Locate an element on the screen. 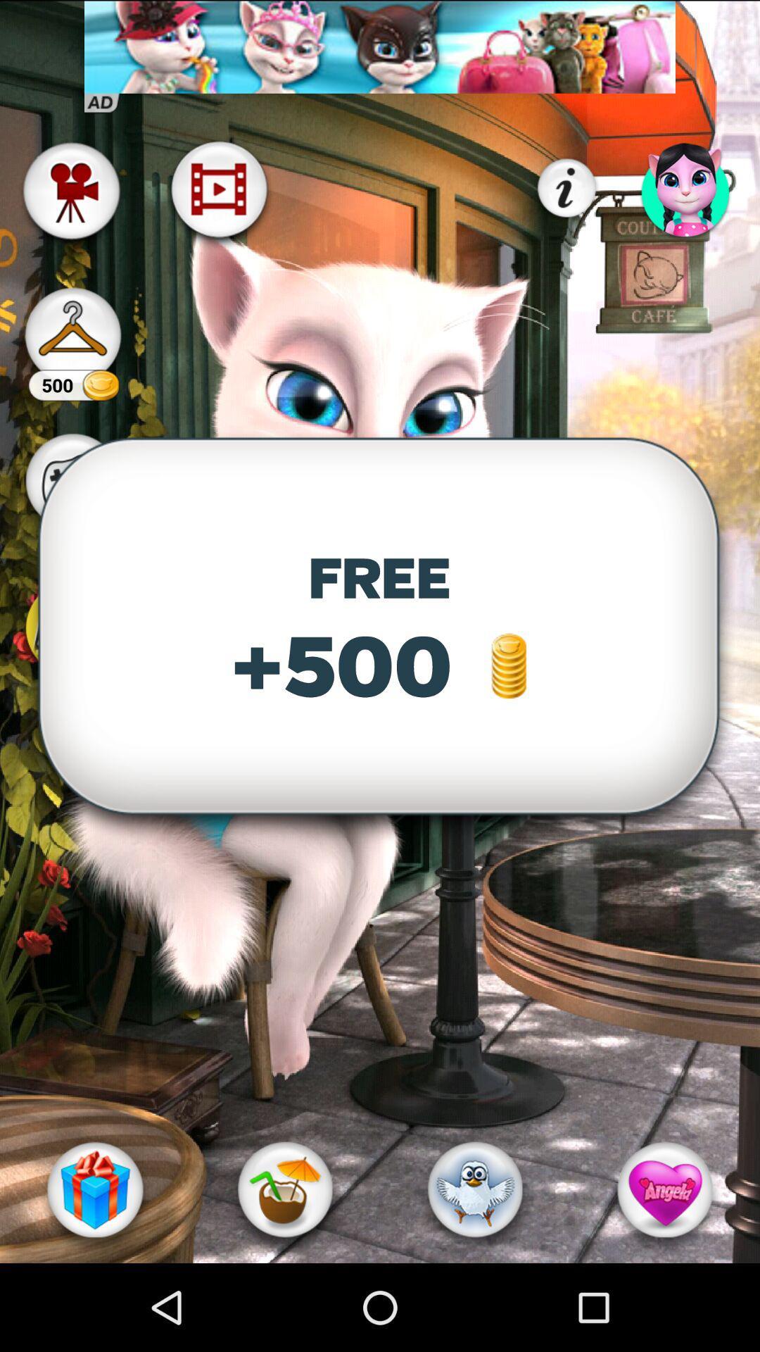 Image resolution: width=760 pixels, height=1352 pixels. the female icon on the right corner is located at coordinates (685, 188).